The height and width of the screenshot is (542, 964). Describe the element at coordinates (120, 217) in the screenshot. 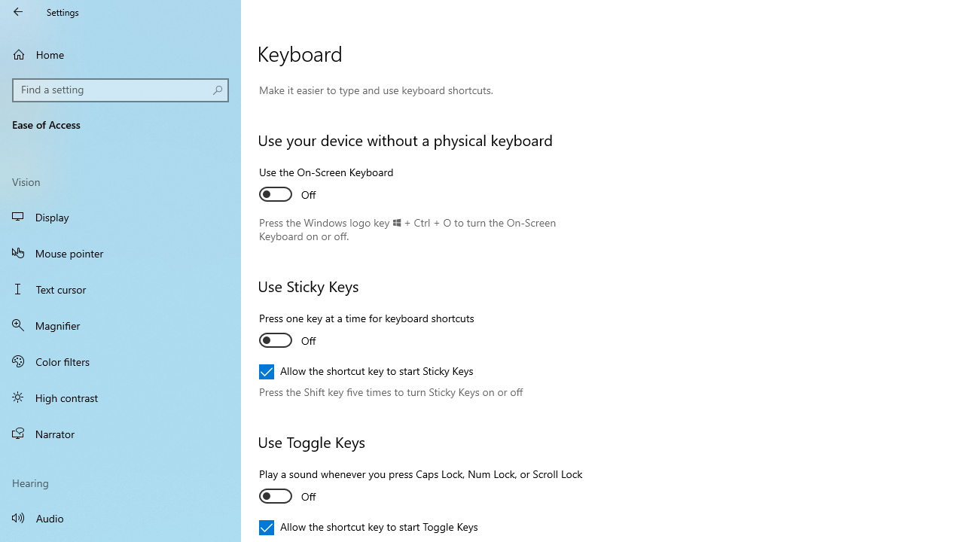

I see `'Display'` at that location.